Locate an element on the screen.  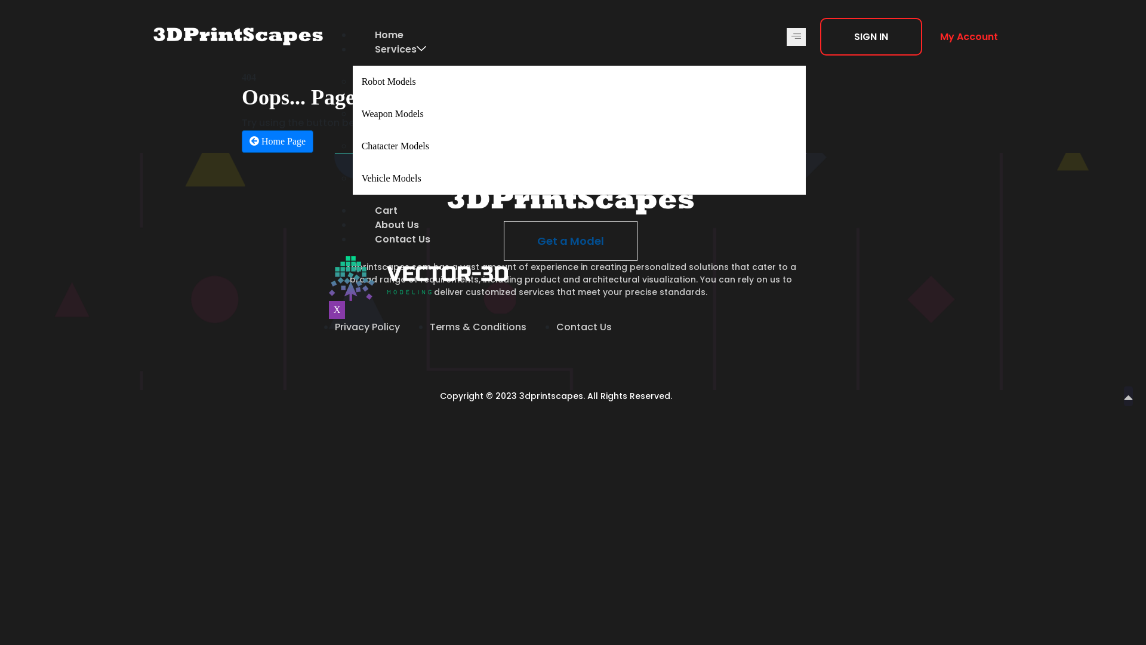
'Contact Us' is located at coordinates (402, 239).